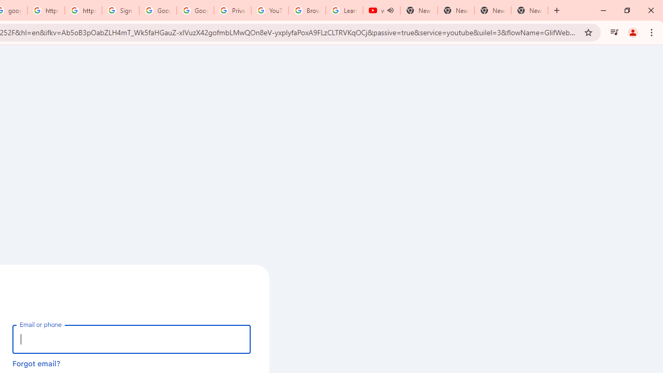 The image size is (663, 373). Describe the element at coordinates (269, 10) in the screenshot. I see `'YouTube'` at that location.